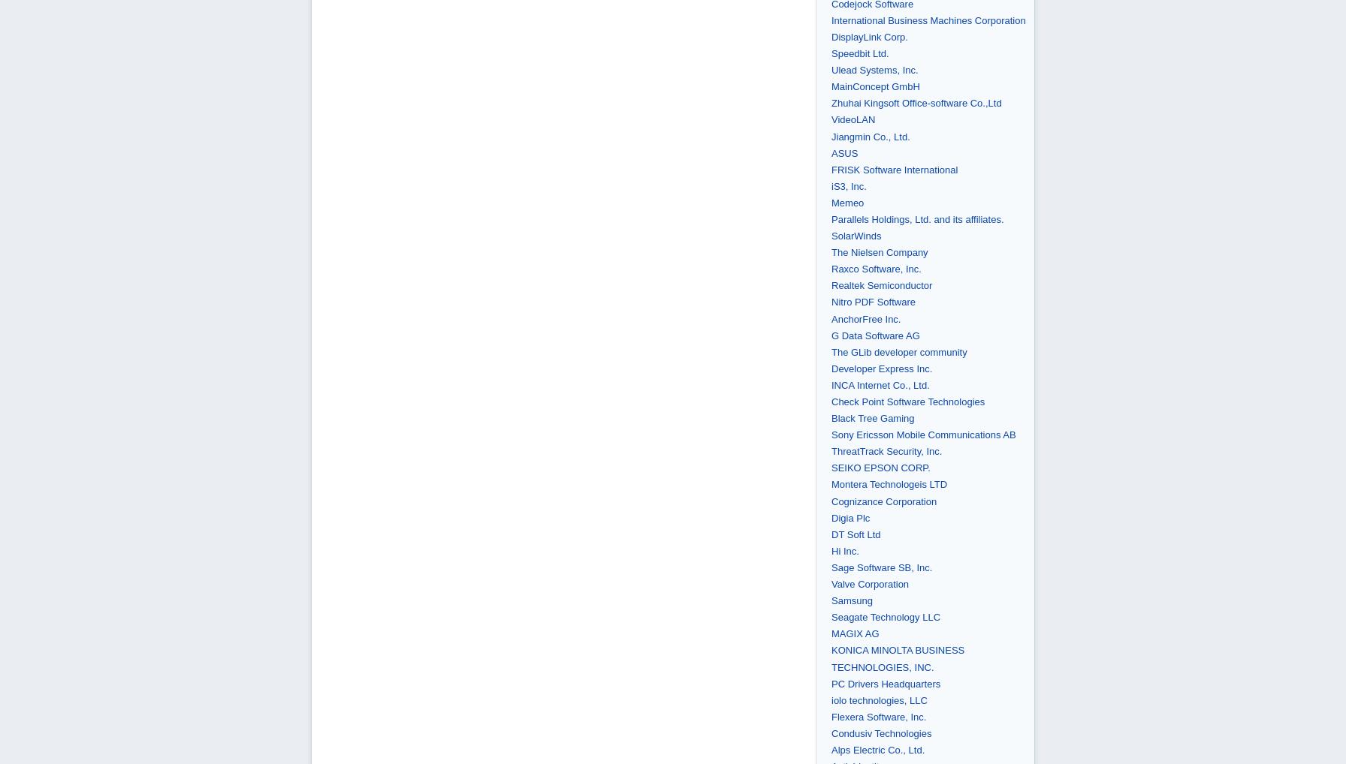 This screenshot has height=764, width=1346. I want to click on 'Flexera Software, Inc.', so click(878, 715).